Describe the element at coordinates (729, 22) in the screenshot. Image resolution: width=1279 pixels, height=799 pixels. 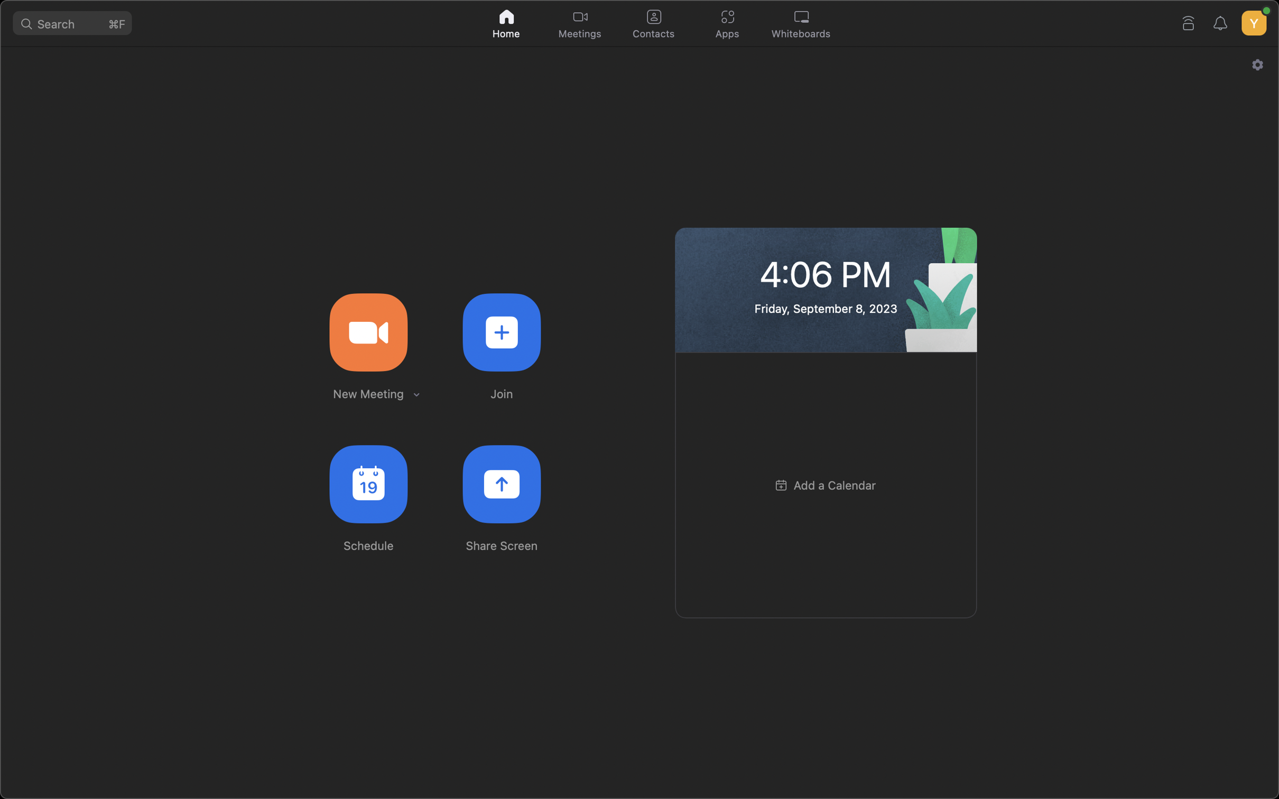
I see `the applications icon at the top` at that location.